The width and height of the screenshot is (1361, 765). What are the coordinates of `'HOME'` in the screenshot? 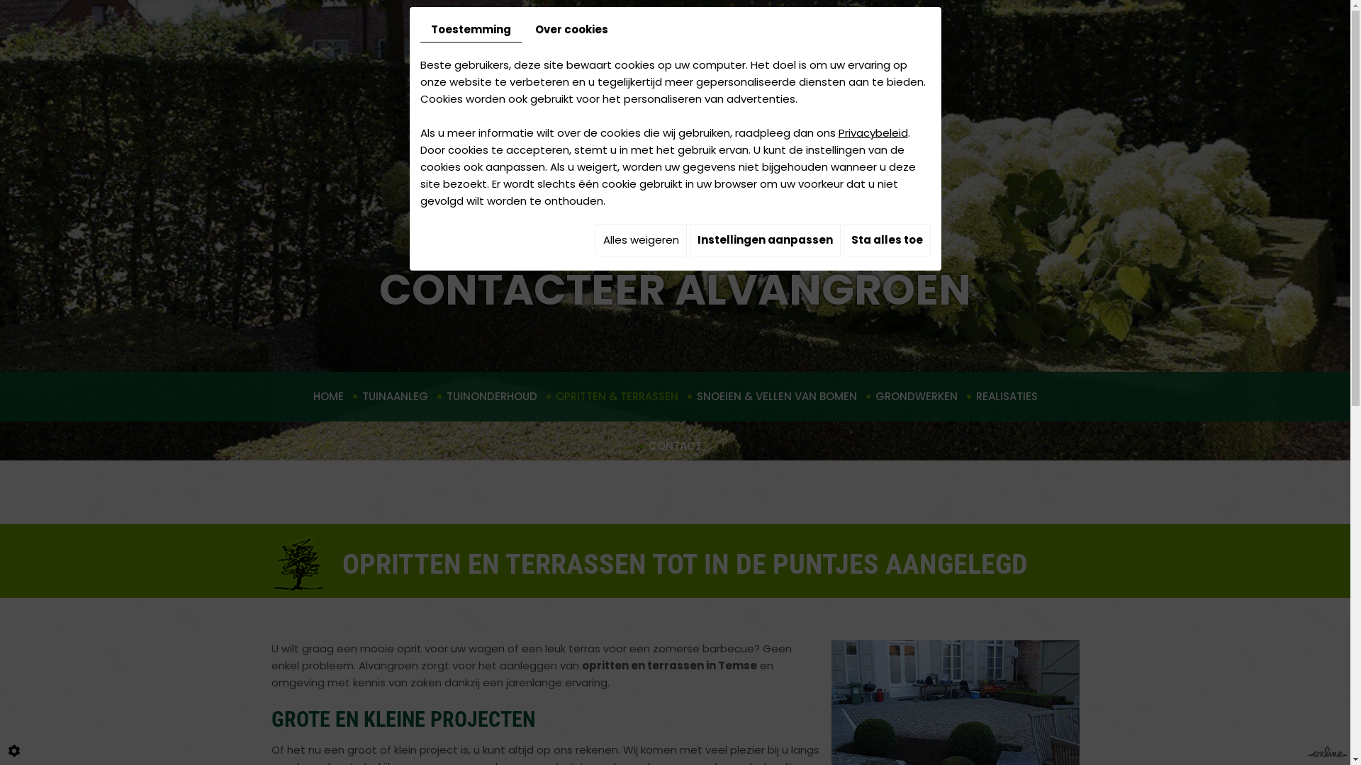 It's located at (327, 396).